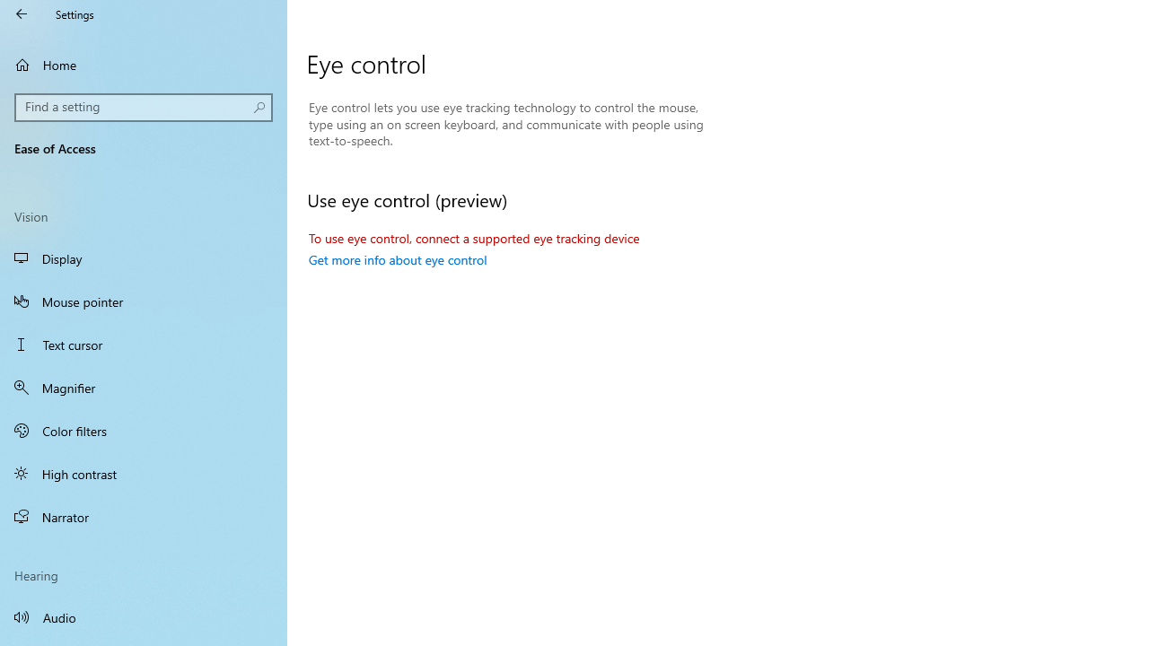 The width and height of the screenshot is (1149, 646). What do you see at coordinates (22, 13) in the screenshot?
I see `'Back'` at bounding box center [22, 13].